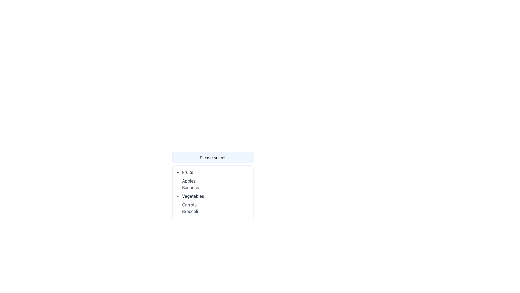 The height and width of the screenshot is (293, 520). I want to click on text element 'Fruits' in the dropdown list menu to understand the current selection, so click(187, 172).